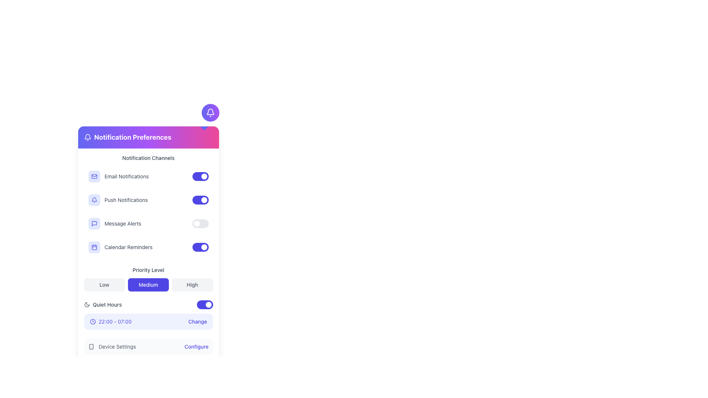  What do you see at coordinates (148, 247) in the screenshot?
I see `the toggle switch` at bounding box center [148, 247].